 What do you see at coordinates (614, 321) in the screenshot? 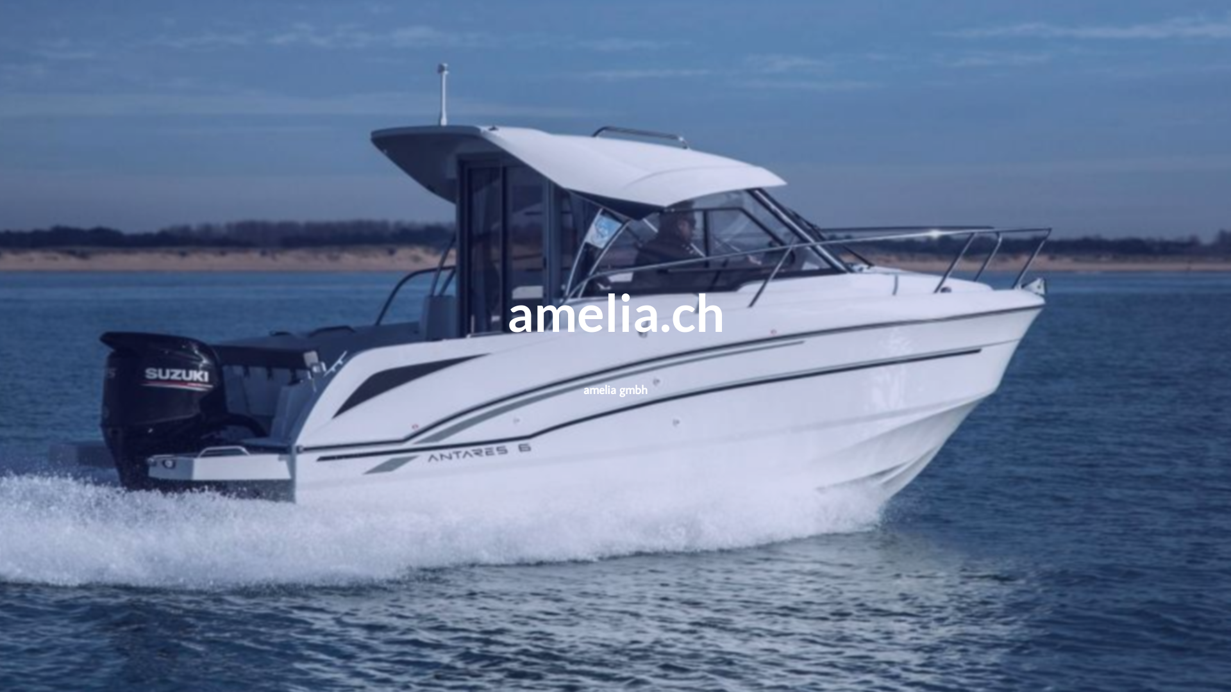
I see `'amelia.ch'` at bounding box center [614, 321].